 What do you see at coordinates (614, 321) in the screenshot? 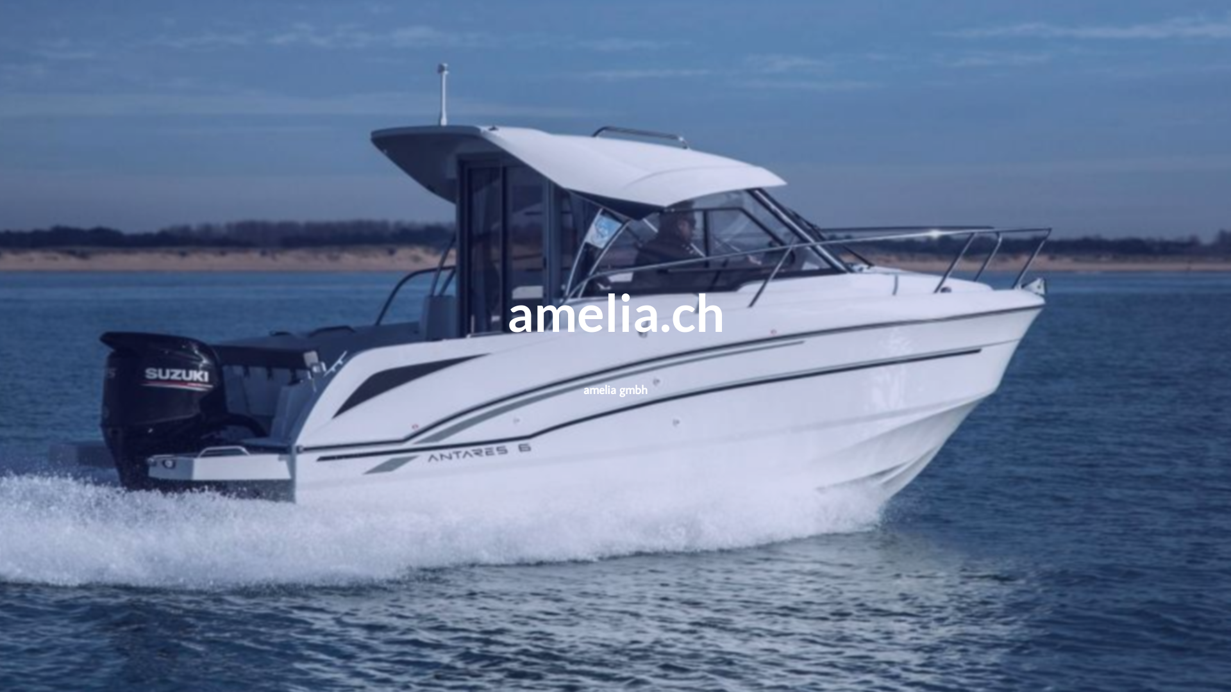
I see `'amelia.ch'` at bounding box center [614, 321].